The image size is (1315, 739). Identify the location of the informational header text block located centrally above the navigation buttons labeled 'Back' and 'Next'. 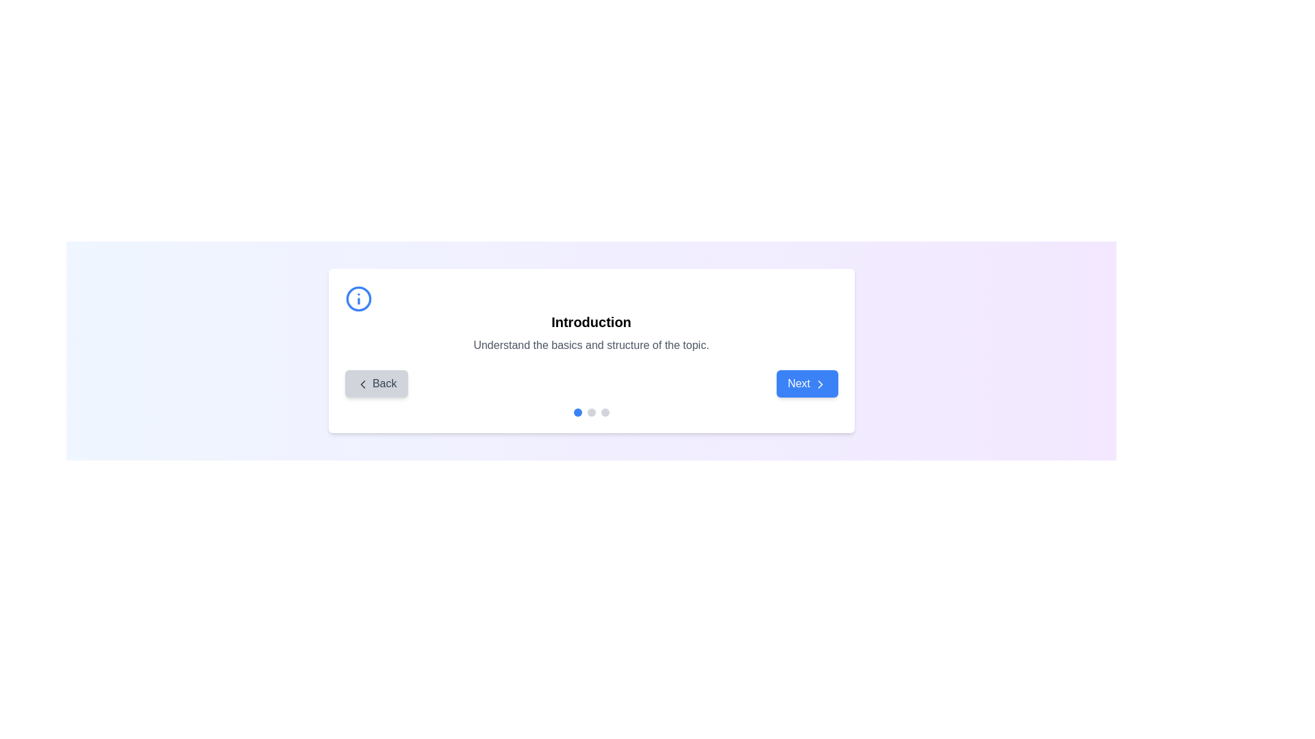
(591, 319).